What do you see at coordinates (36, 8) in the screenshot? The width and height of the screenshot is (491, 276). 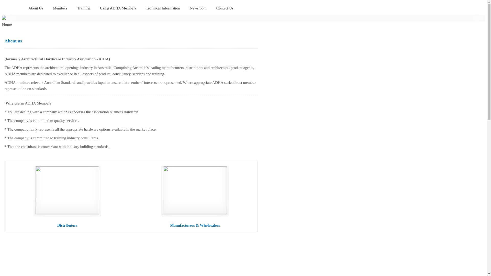 I see `'About Us'` at bounding box center [36, 8].